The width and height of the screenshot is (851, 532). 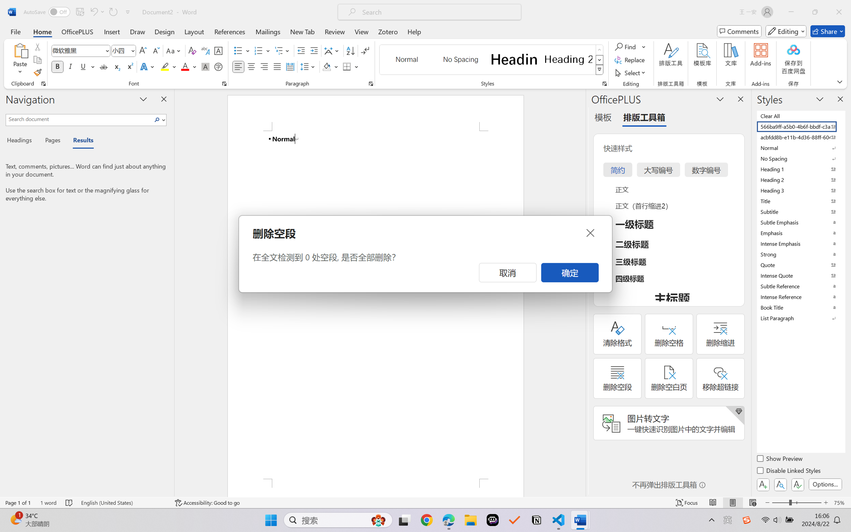 What do you see at coordinates (113, 12) in the screenshot?
I see `'Repeat Doc Close'` at bounding box center [113, 12].